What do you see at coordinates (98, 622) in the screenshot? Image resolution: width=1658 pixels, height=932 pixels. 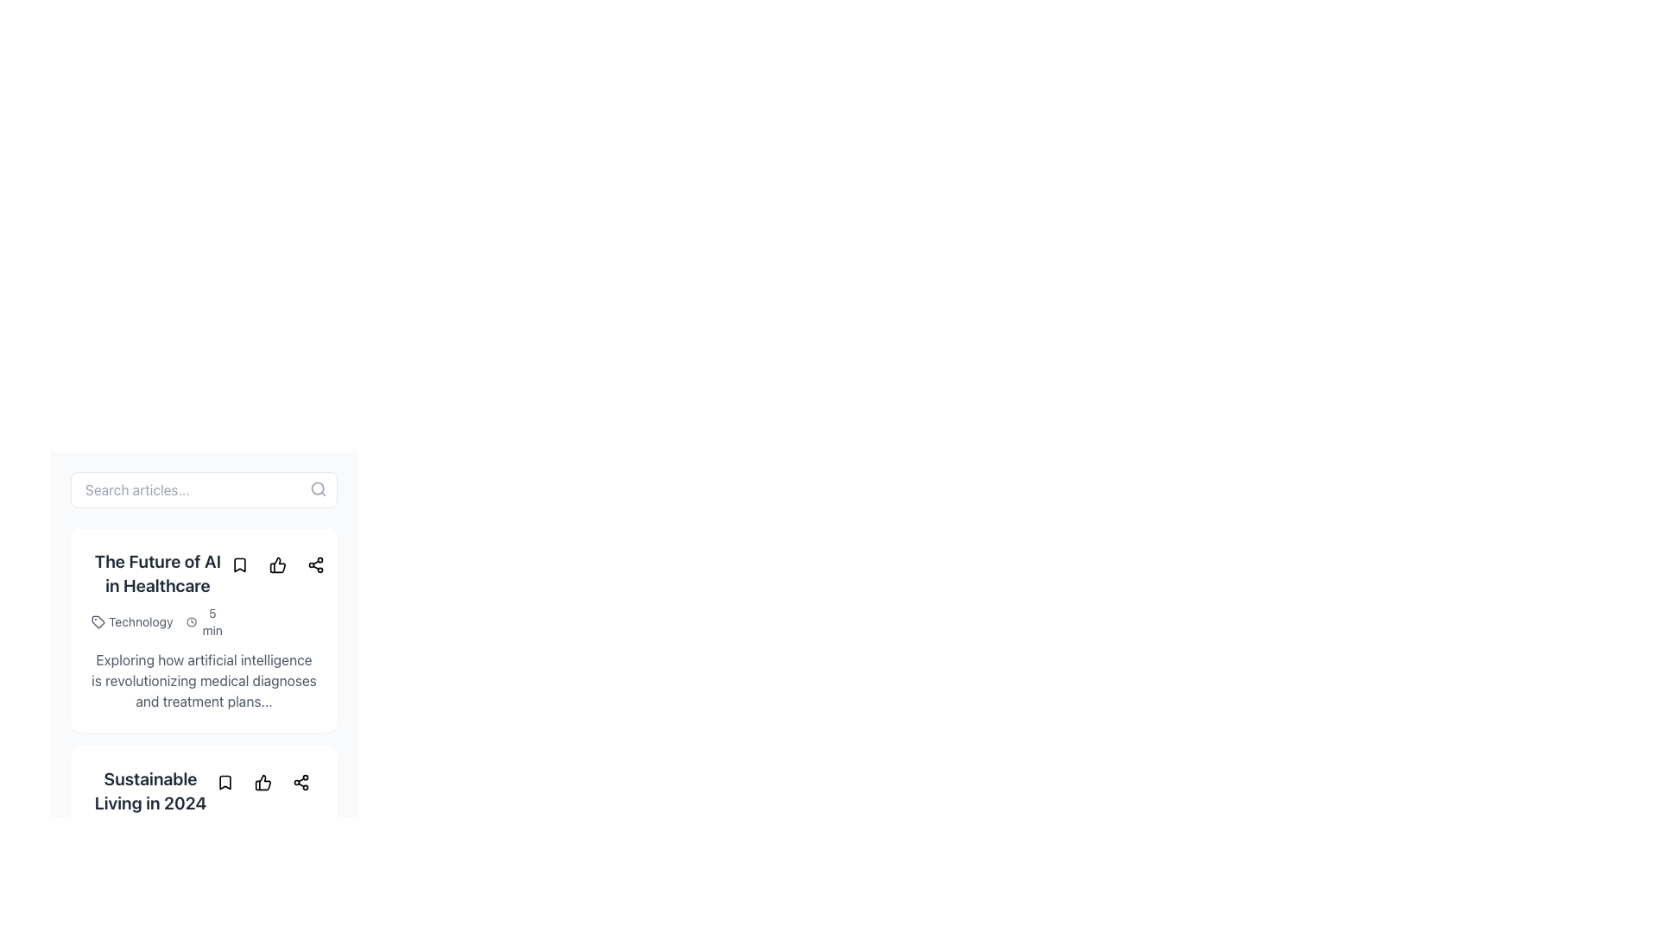 I see `the icon resembling a tag located to the left of the text 'Technology' beneath the title 'The Future of AI in Healthcare'` at bounding box center [98, 622].